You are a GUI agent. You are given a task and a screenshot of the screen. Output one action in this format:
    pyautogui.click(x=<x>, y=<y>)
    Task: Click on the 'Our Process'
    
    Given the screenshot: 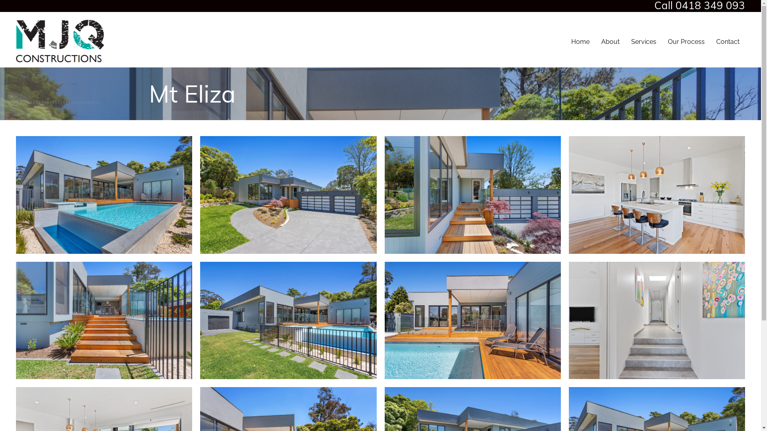 What is the action you would take?
    pyautogui.click(x=662, y=42)
    